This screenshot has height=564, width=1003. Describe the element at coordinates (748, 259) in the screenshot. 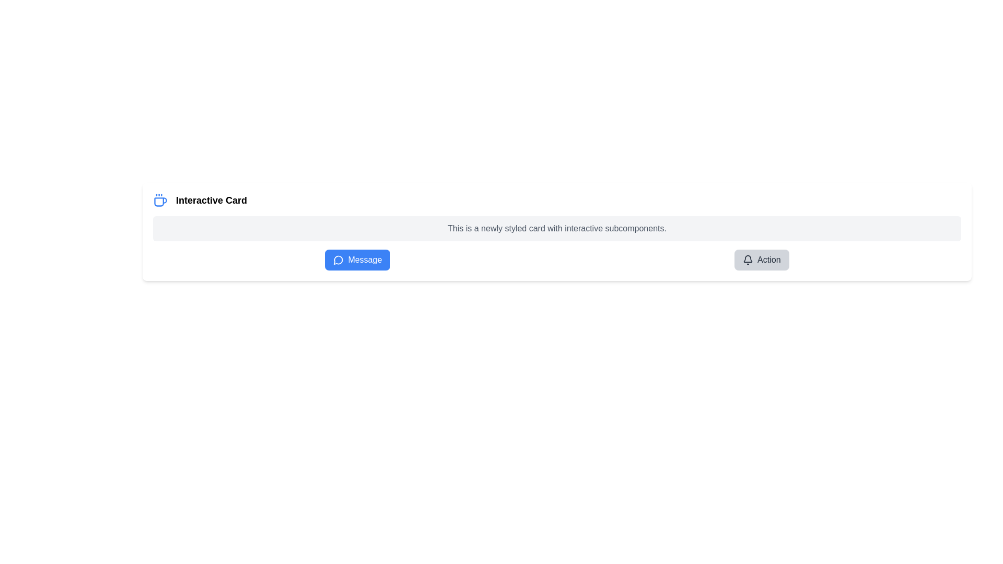

I see `the bell icon located on the left side of the 'Action' button, which represents notifications or alerts` at that location.